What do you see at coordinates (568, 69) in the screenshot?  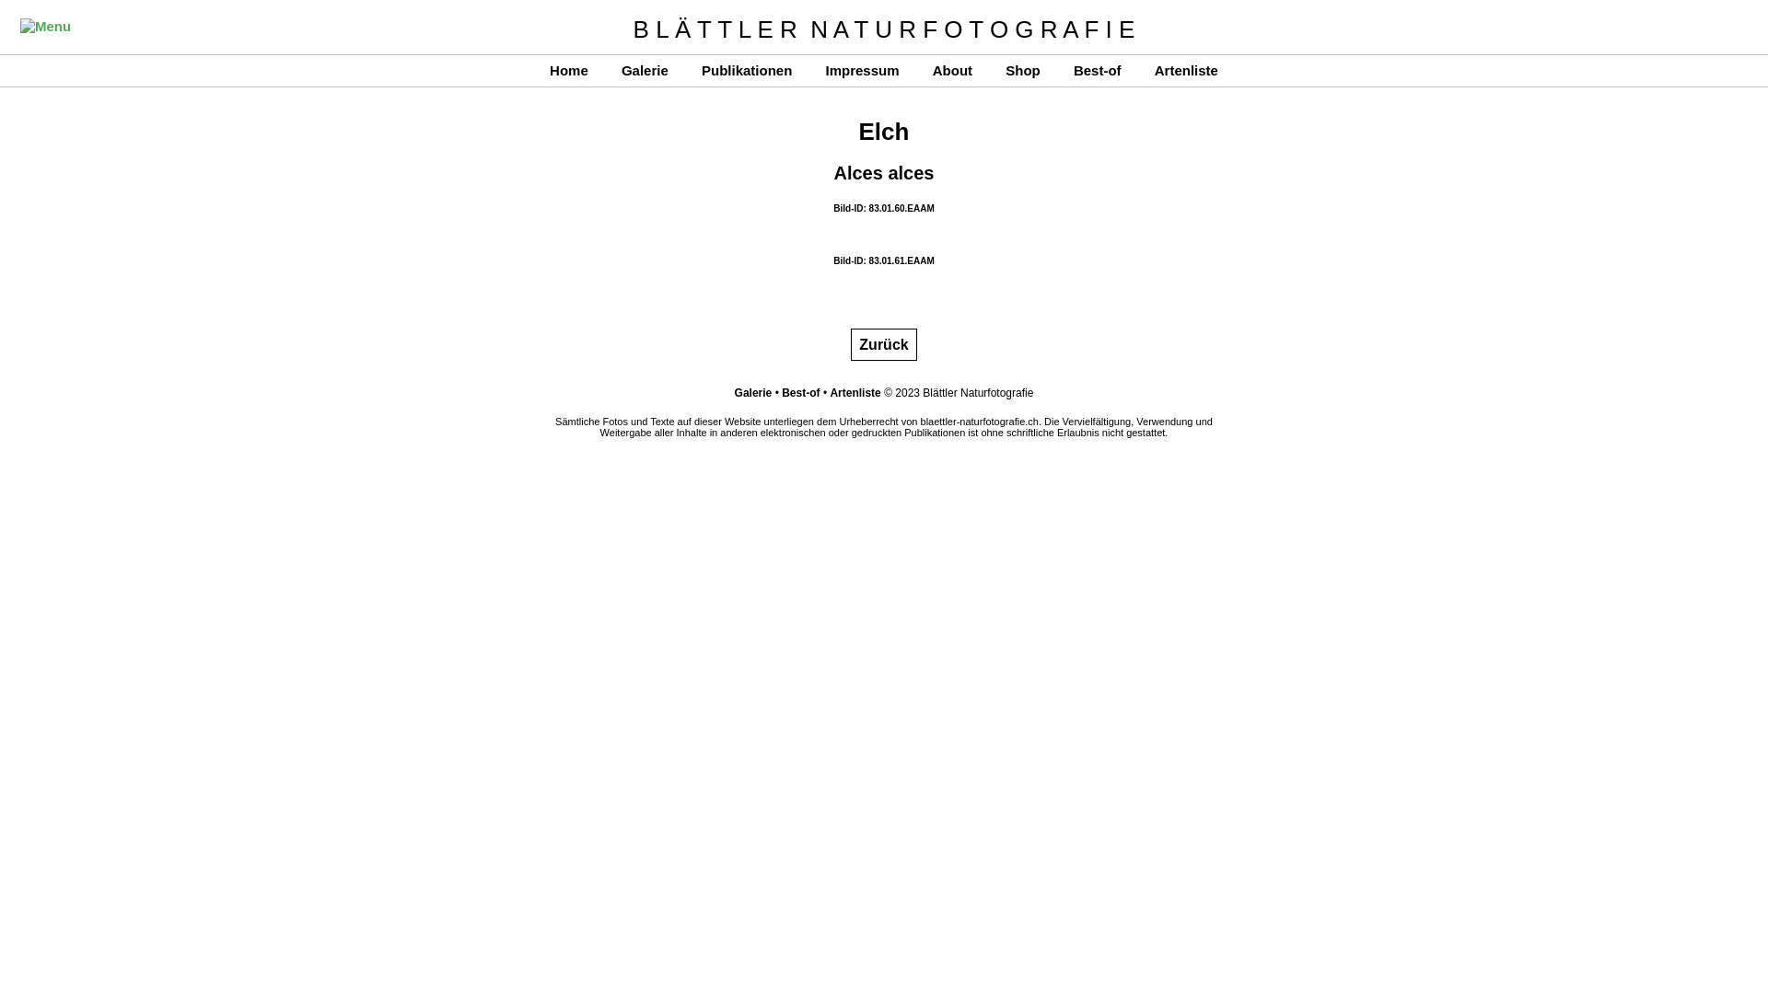 I see `'Home'` at bounding box center [568, 69].